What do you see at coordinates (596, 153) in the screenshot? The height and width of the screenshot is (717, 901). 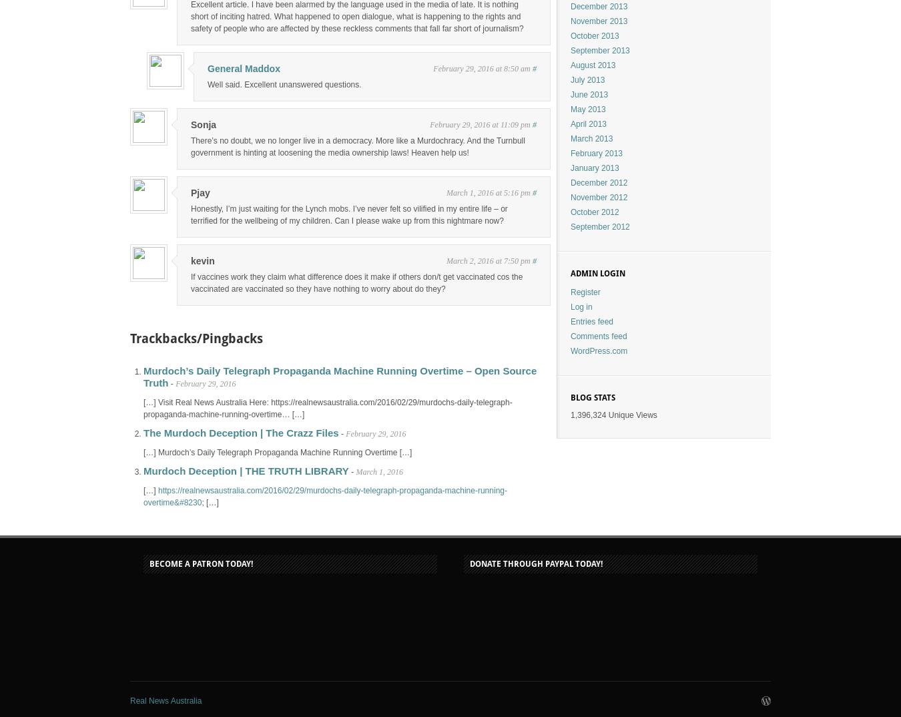 I see `'February 2013'` at bounding box center [596, 153].